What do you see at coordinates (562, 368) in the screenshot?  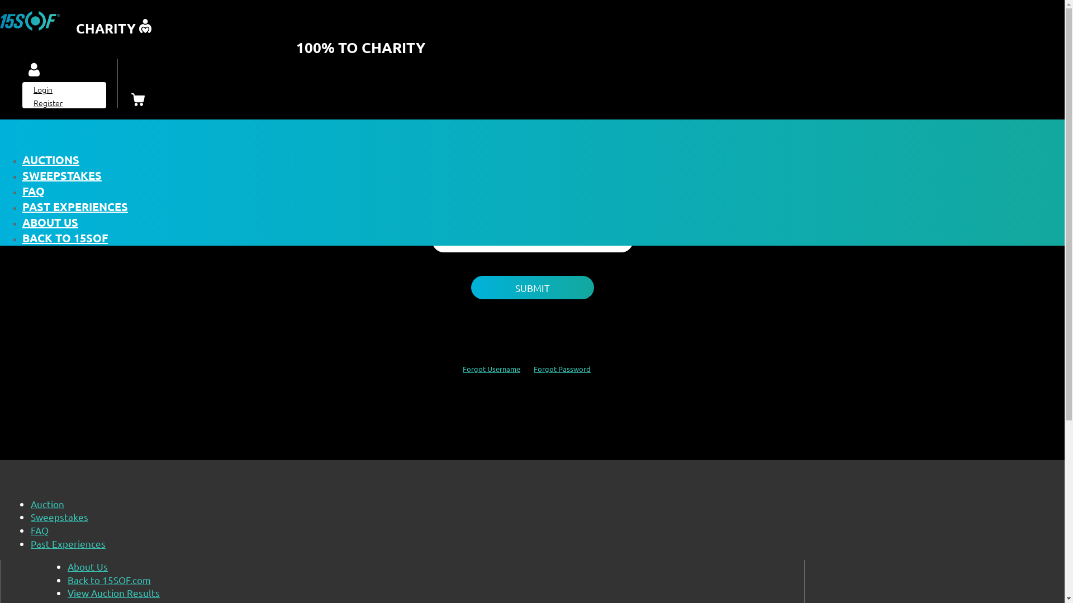 I see `'Forgot Password'` at bounding box center [562, 368].